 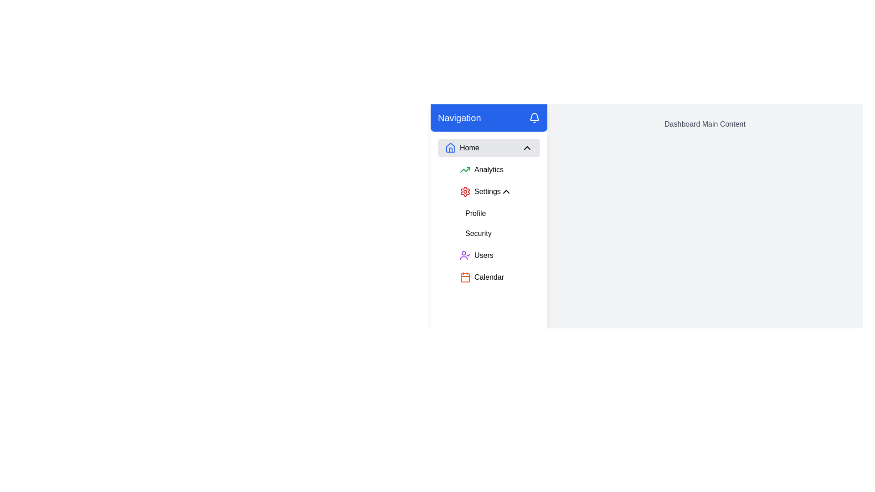 What do you see at coordinates (476, 255) in the screenshot?
I see `the fifth interactive button in the vertical navigation menu, located under the 'Security' item and above the 'Calendar' item` at bounding box center [476, 255].